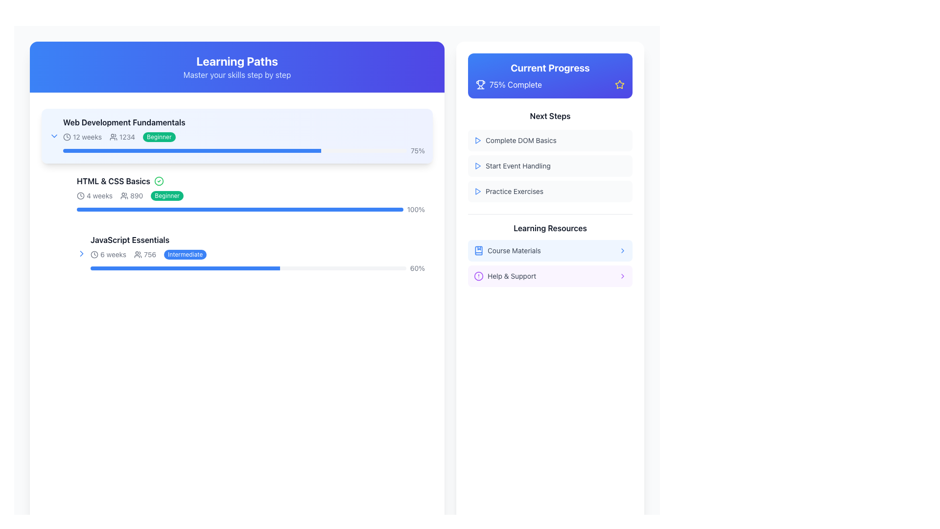 The image size is (940, 529). Describe the element at coordinates (138, 254) in the screenshot. I see `the non-interactive SVG icon representing user participation in the JavaScript Essentials course, located to the left of the text '756' within the learning paths list` at that location.